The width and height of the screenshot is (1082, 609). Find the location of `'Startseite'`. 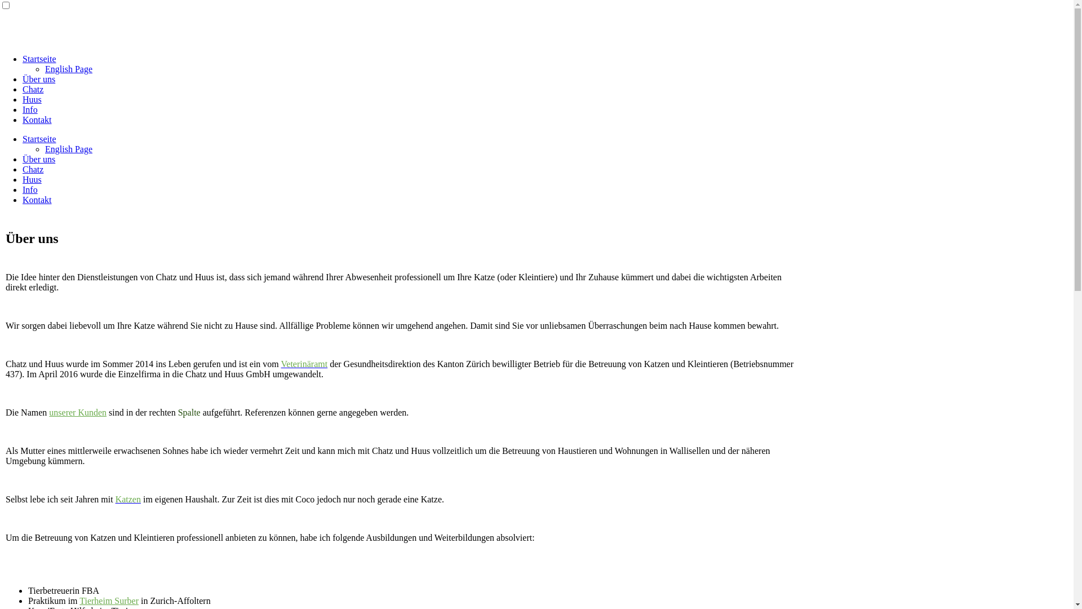

'Startseite' is located at coordinates (22, 138).